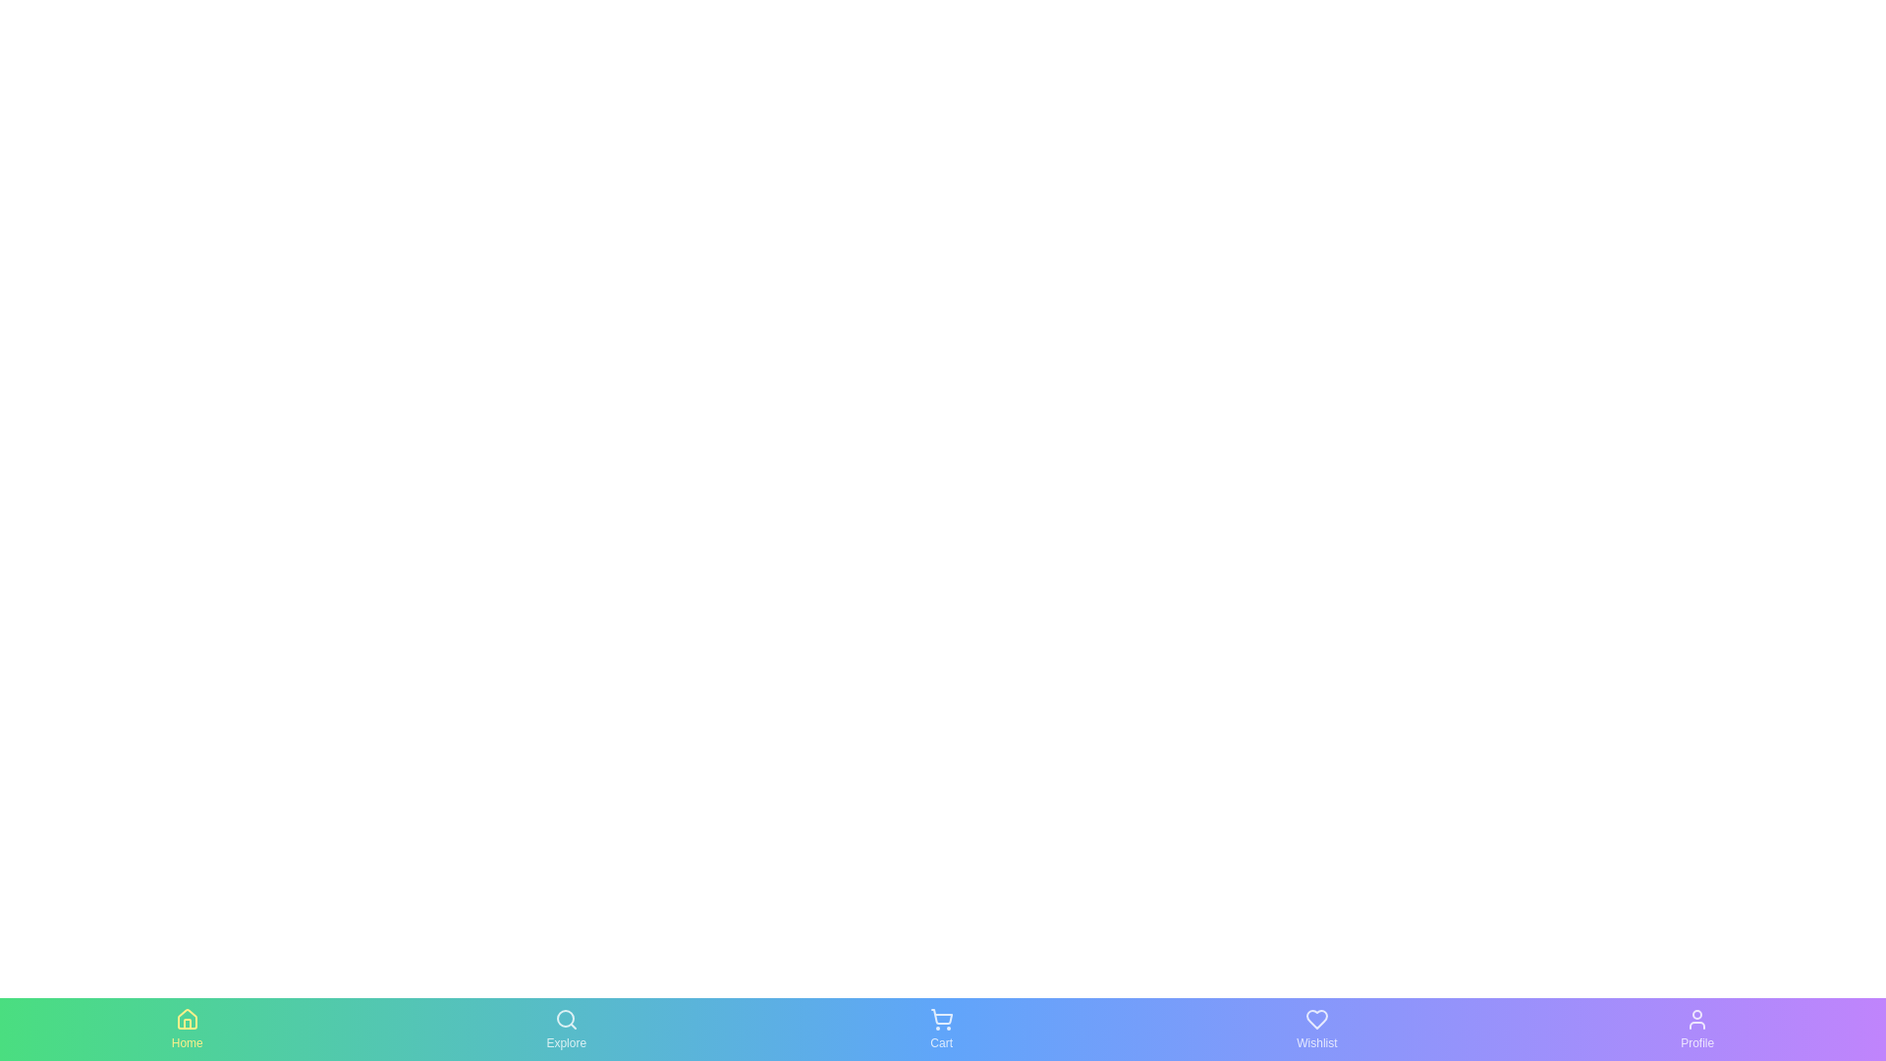  Describe the element at coordinates (565, 1029) in the screenshot. I see `the Explore navigation icon to trigger navigation` at that location.